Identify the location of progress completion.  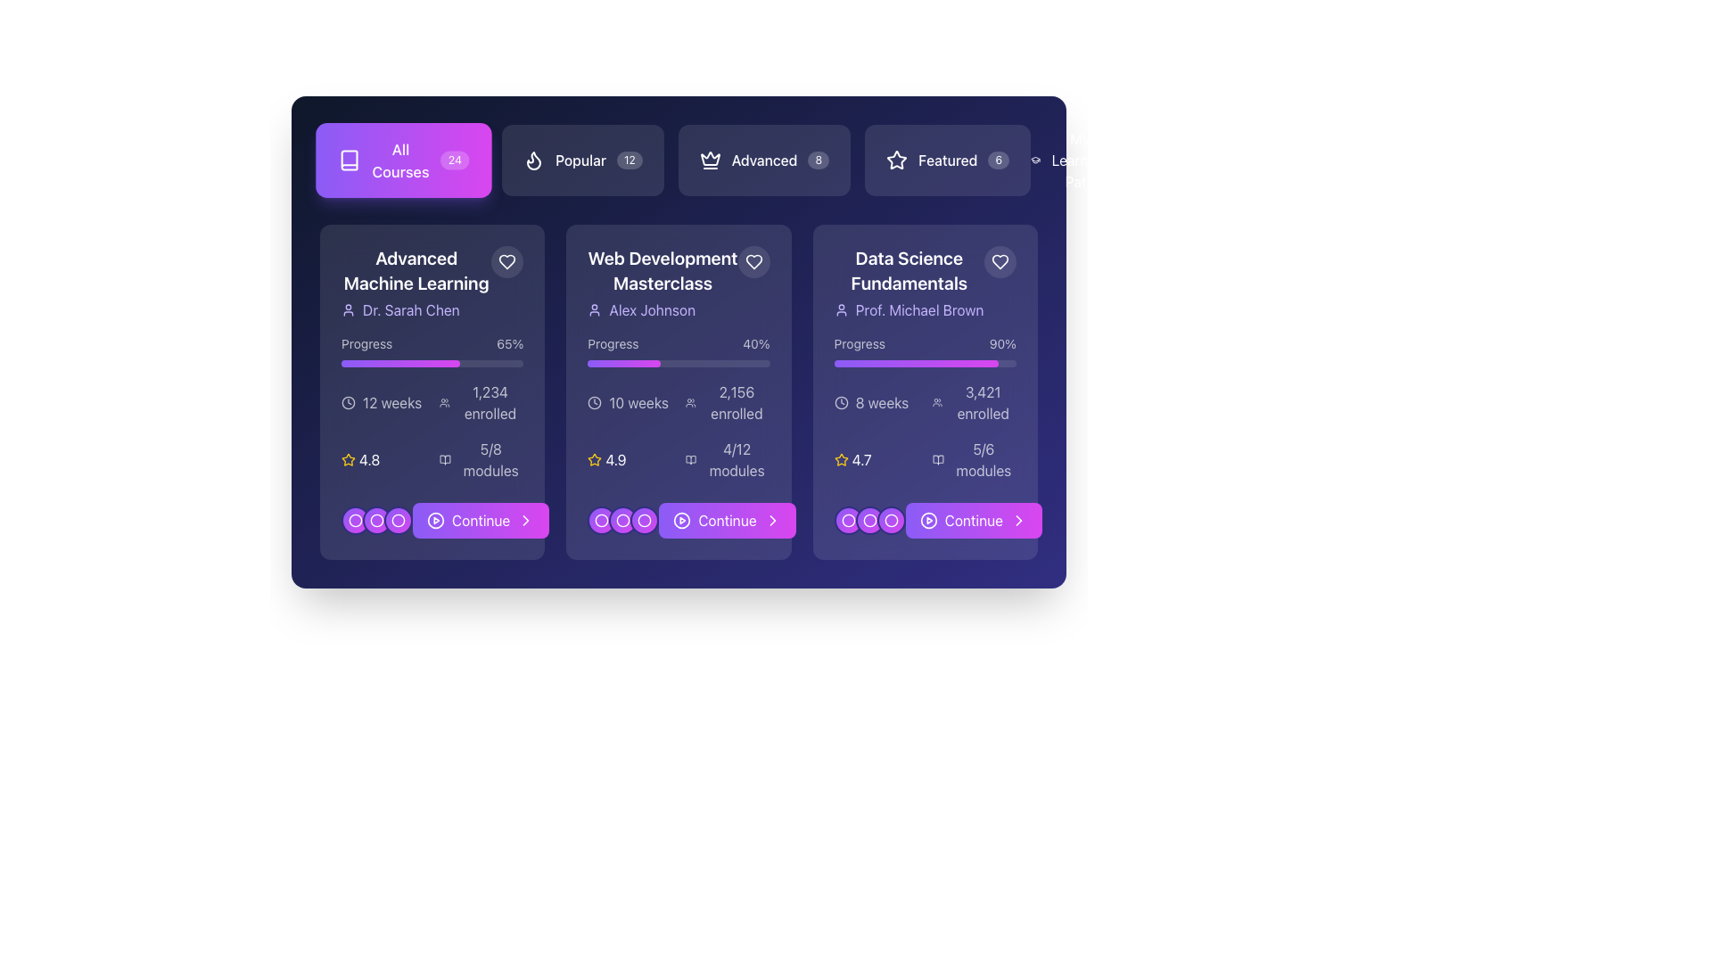
(434, 363).